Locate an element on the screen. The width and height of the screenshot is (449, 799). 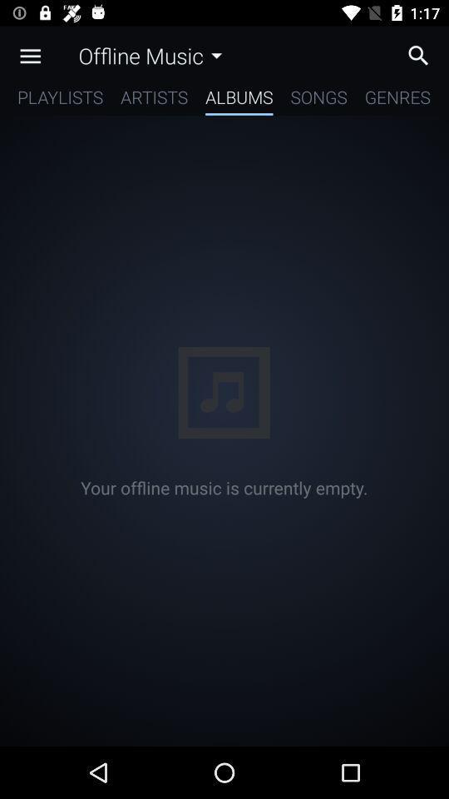
app above playlists app is located at coordinates (30, 56).